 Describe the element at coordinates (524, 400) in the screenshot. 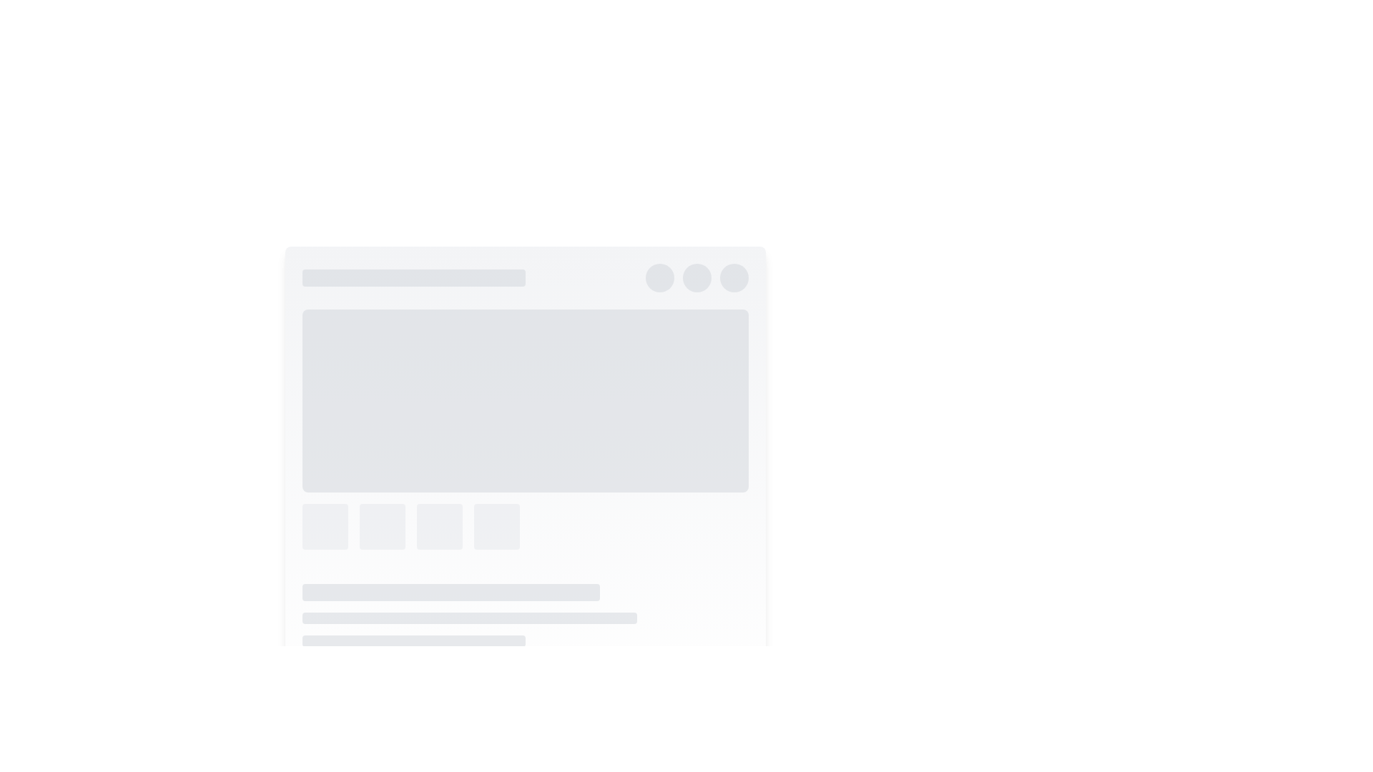

I see `the central loading animation placeholder that spans the majority of its width, positioned above smaller square elements` at that location.